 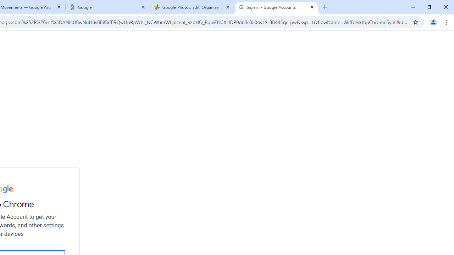 What do you see at coordinates (276, 7) in the screenshot?
I see `'Sign in - Google Accounts'` at bounding box center [276, 7].